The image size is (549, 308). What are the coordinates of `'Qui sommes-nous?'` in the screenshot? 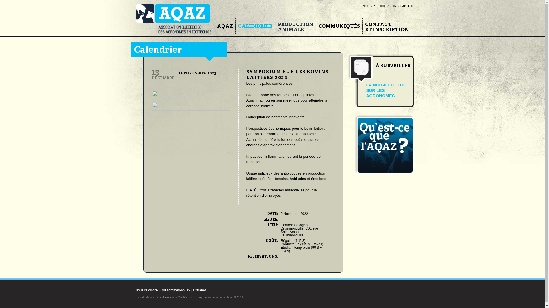 It's located at (175, 290).